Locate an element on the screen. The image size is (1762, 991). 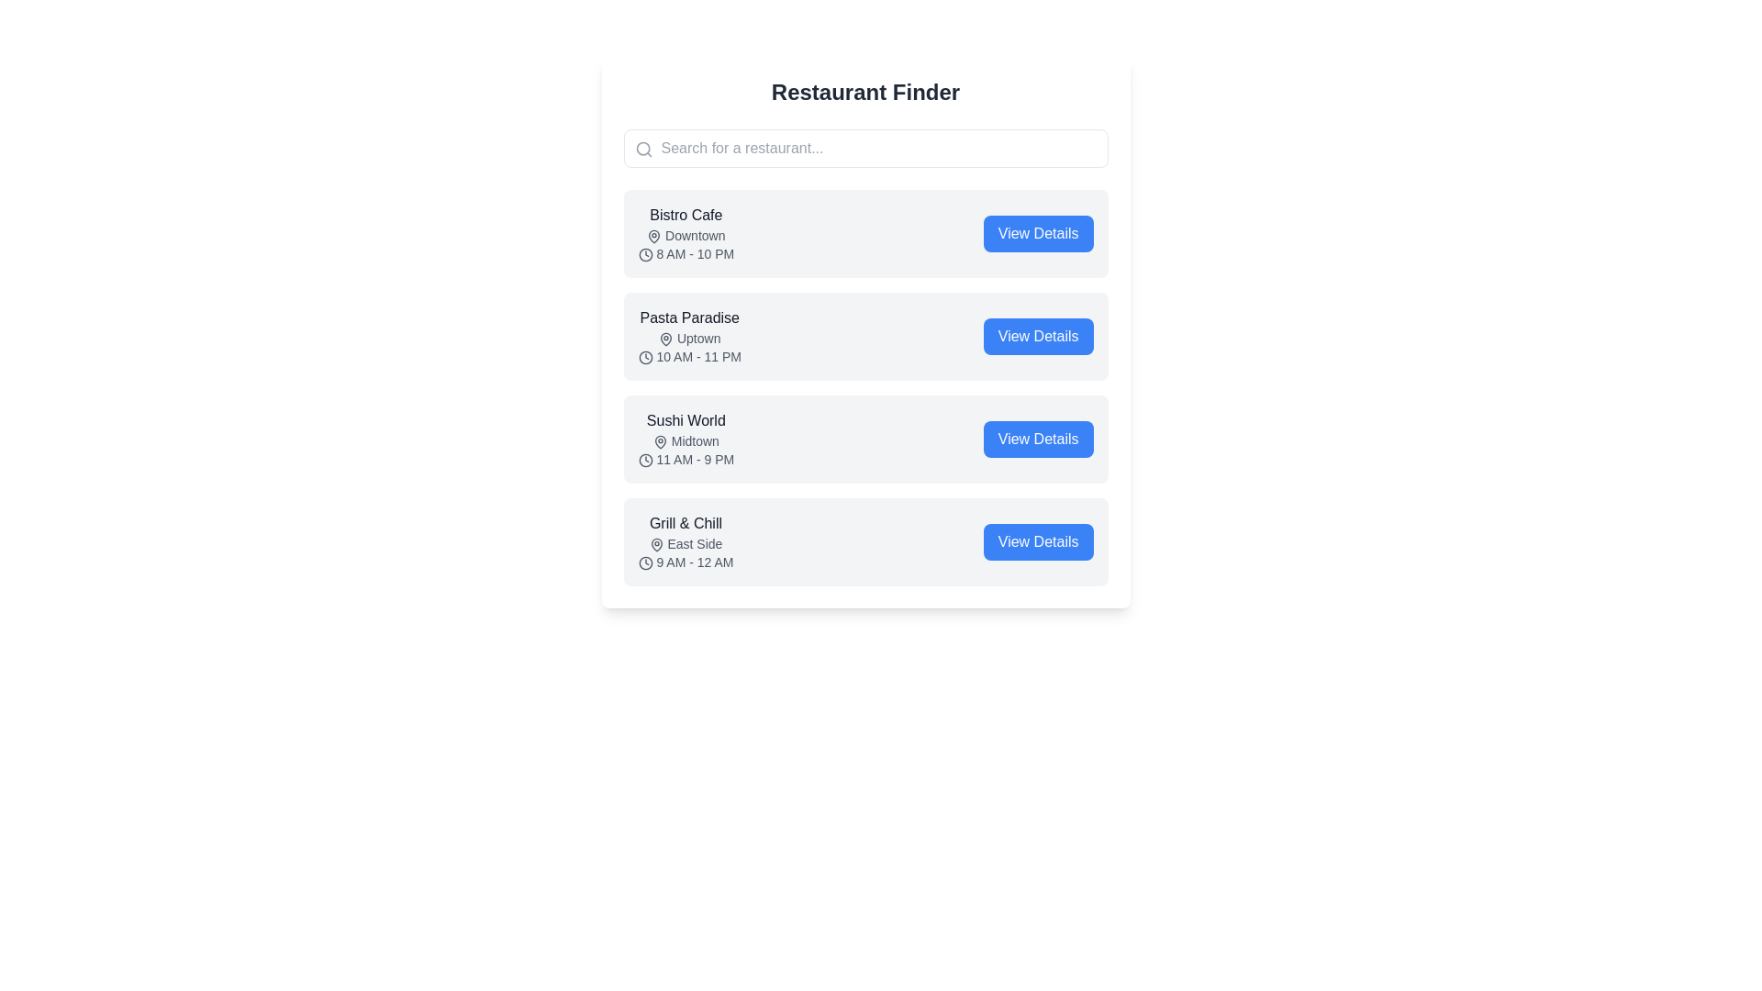
the small gray magnifying glass icon representing the search function located in the search bar under the title 'Restaurant Finder' is located at coordinates (643, 148).